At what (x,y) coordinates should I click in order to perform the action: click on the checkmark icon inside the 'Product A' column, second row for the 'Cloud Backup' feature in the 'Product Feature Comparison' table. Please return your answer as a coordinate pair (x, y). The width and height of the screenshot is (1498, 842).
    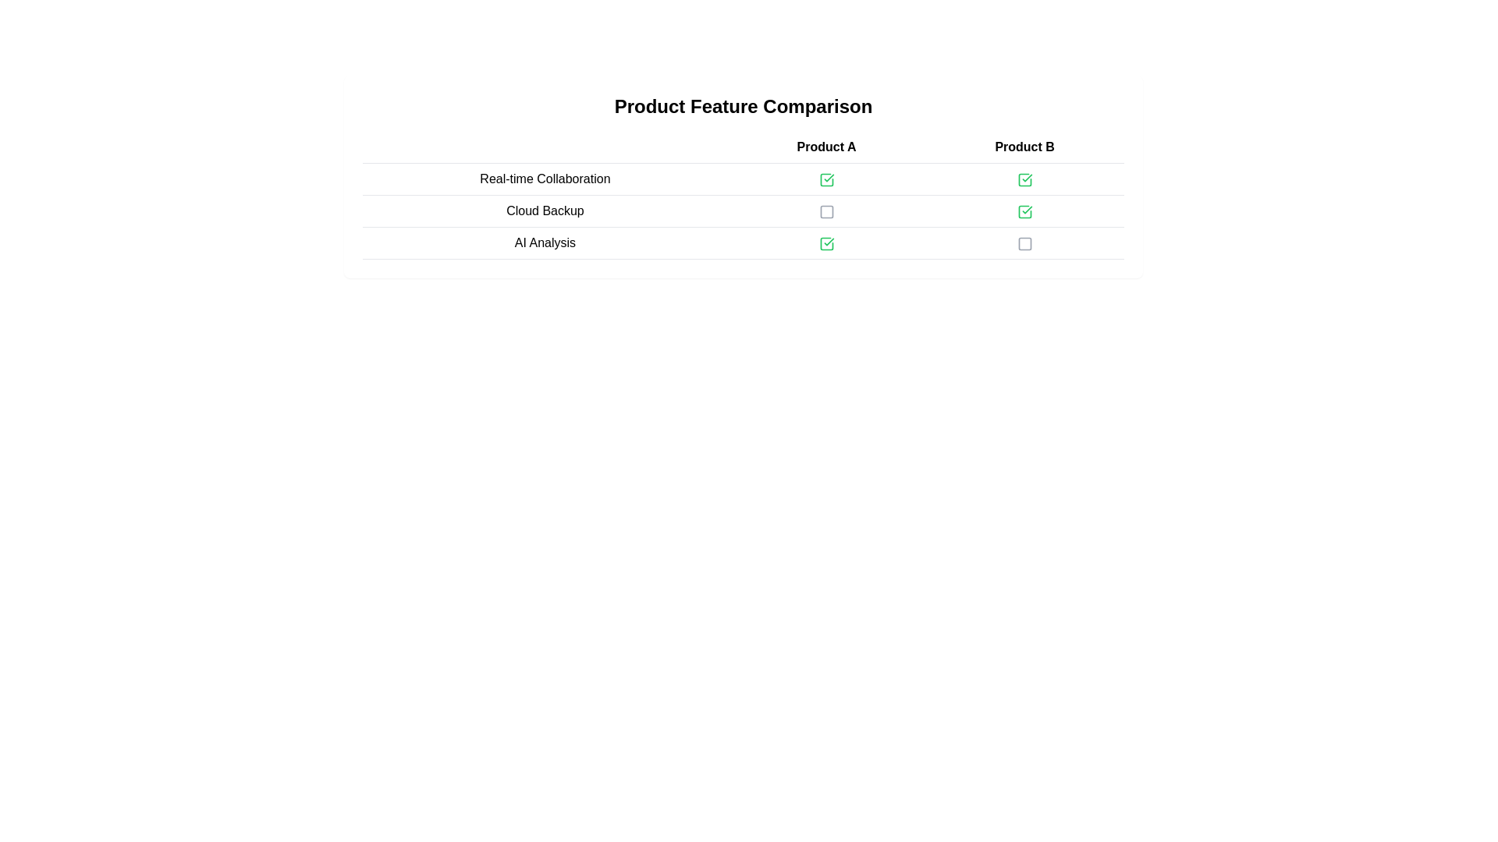
    Looking at the image, I should click on (1024, 211).